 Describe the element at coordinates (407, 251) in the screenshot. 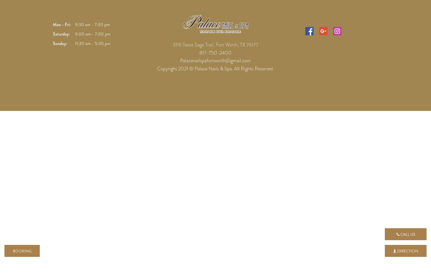

I see `'Direction'` at that location.